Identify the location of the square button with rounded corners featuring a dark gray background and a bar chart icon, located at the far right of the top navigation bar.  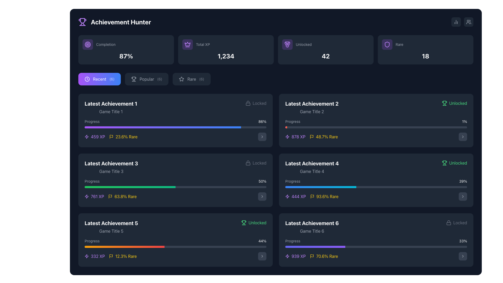
(456, 22).